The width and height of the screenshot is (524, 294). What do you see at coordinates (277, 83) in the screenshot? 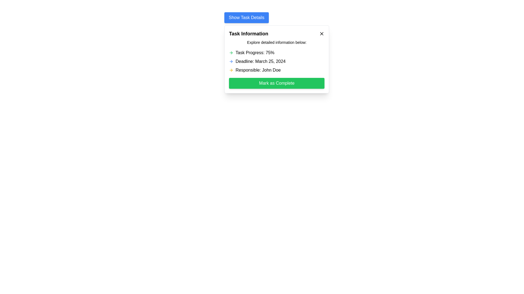
I see `the 'Mark as Complete' button located at the bottom of the task details card beneath the 'Responsible: John Doe' text` at bounding box center [277, 83].